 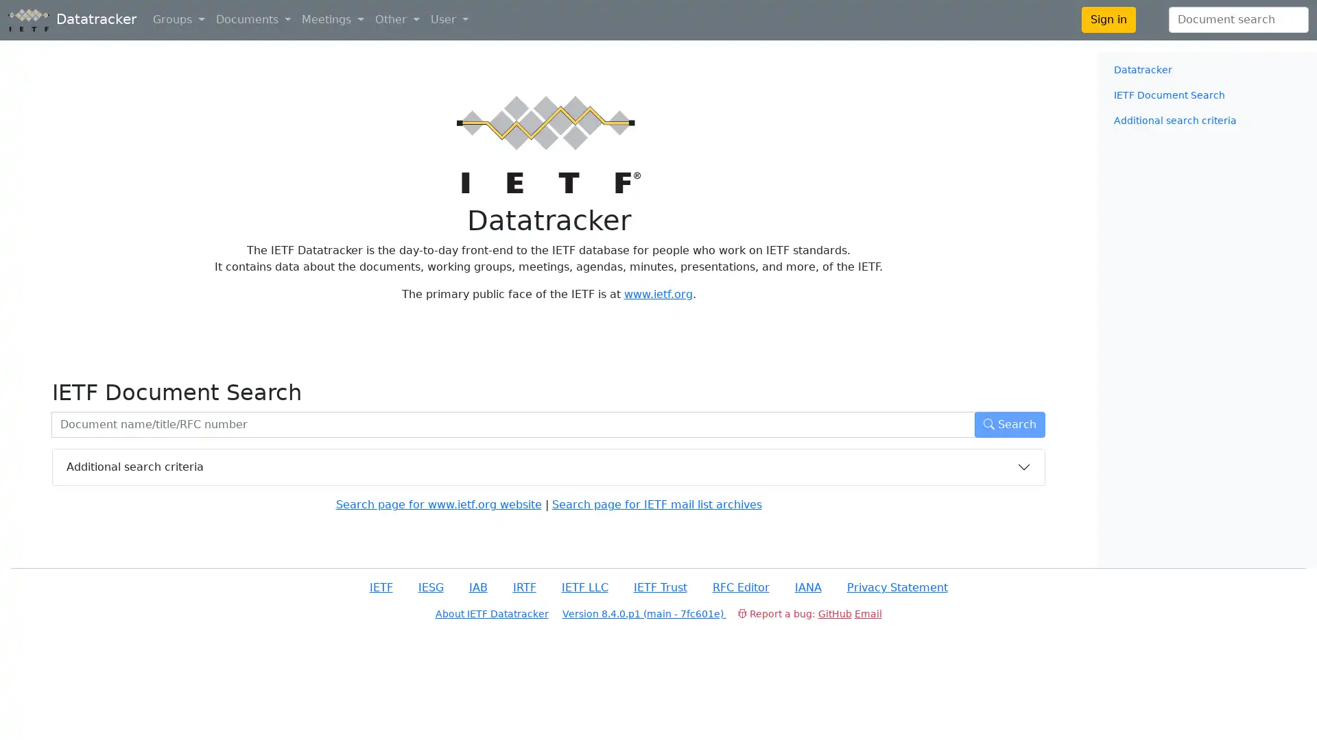 What do you see at coordinates (449, 20) in the screenshot?
I see `User` at bounding box center [449, 20].